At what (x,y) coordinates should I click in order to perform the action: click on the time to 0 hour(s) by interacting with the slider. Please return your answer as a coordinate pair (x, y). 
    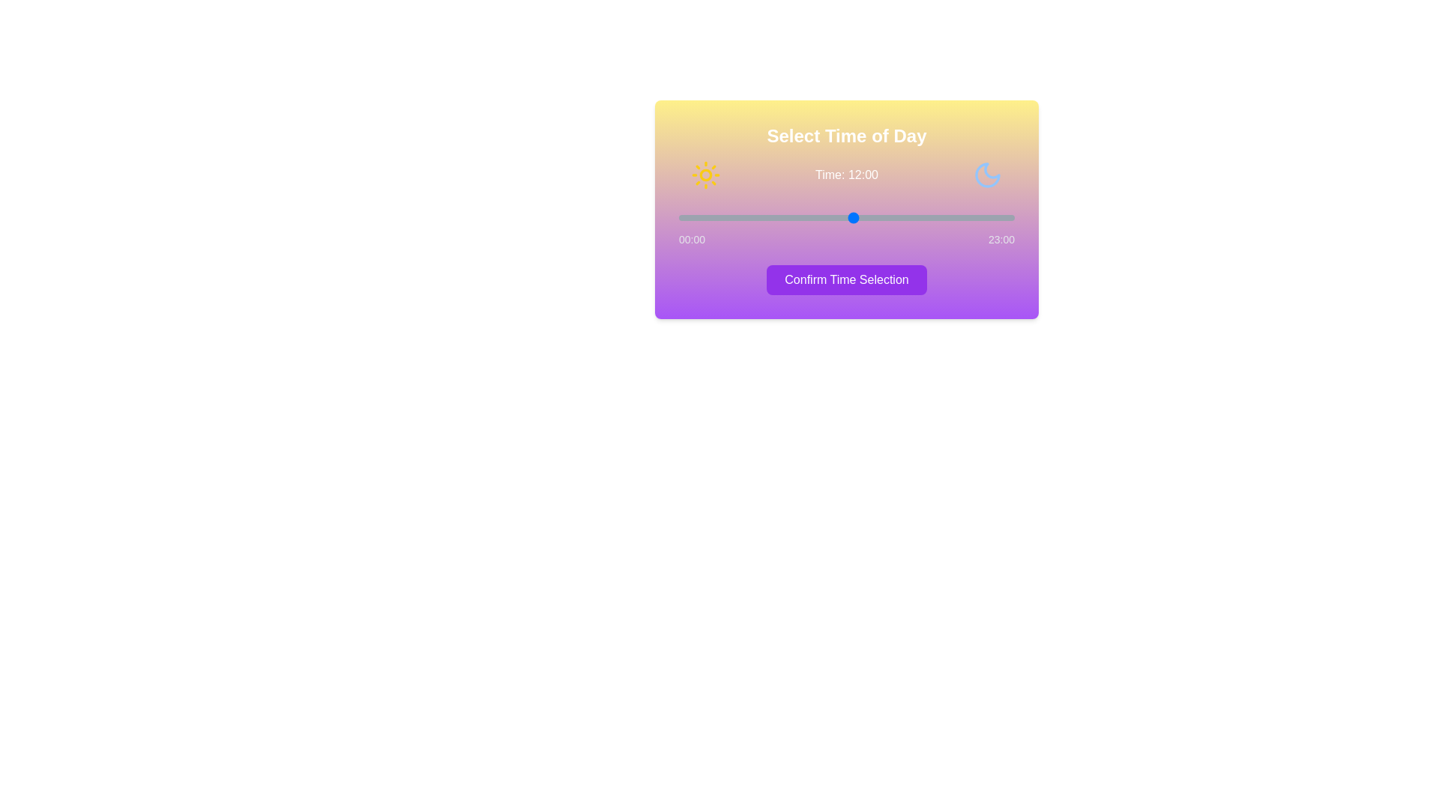
    Looking at the image, I should click on (678, 217).